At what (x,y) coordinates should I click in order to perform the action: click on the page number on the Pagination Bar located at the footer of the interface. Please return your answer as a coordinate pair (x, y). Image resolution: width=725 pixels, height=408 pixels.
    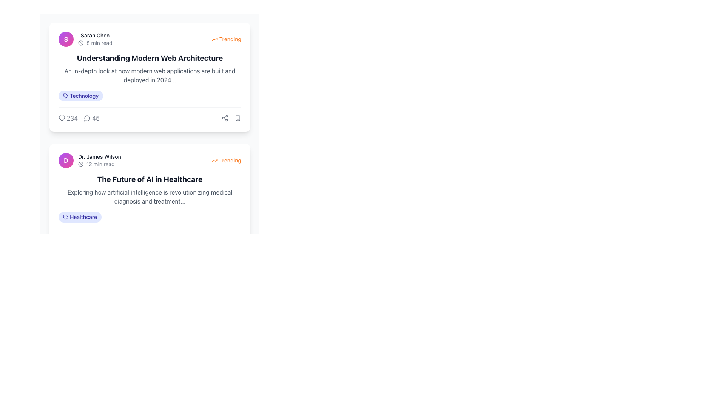
    Looking at the image, I should click on (150, 400).